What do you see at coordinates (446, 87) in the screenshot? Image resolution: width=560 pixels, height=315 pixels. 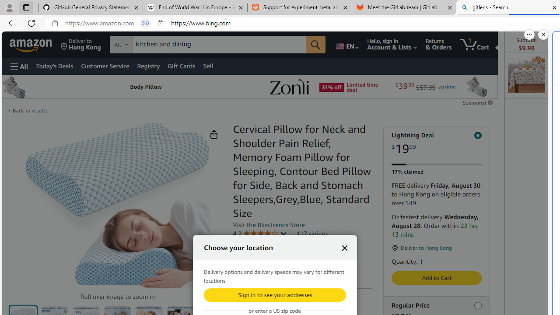 I see `'Prime'` at bounding box center [446, 87].